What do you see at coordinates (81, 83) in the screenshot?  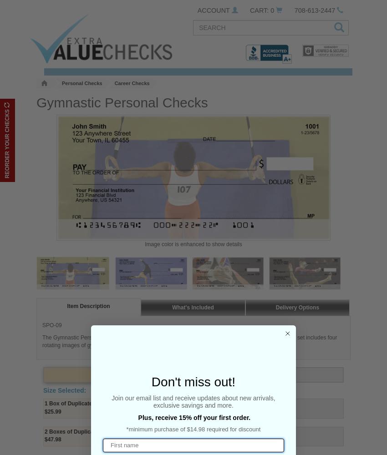 I see `'Personal Checks'` at bounding box center [81, 83].